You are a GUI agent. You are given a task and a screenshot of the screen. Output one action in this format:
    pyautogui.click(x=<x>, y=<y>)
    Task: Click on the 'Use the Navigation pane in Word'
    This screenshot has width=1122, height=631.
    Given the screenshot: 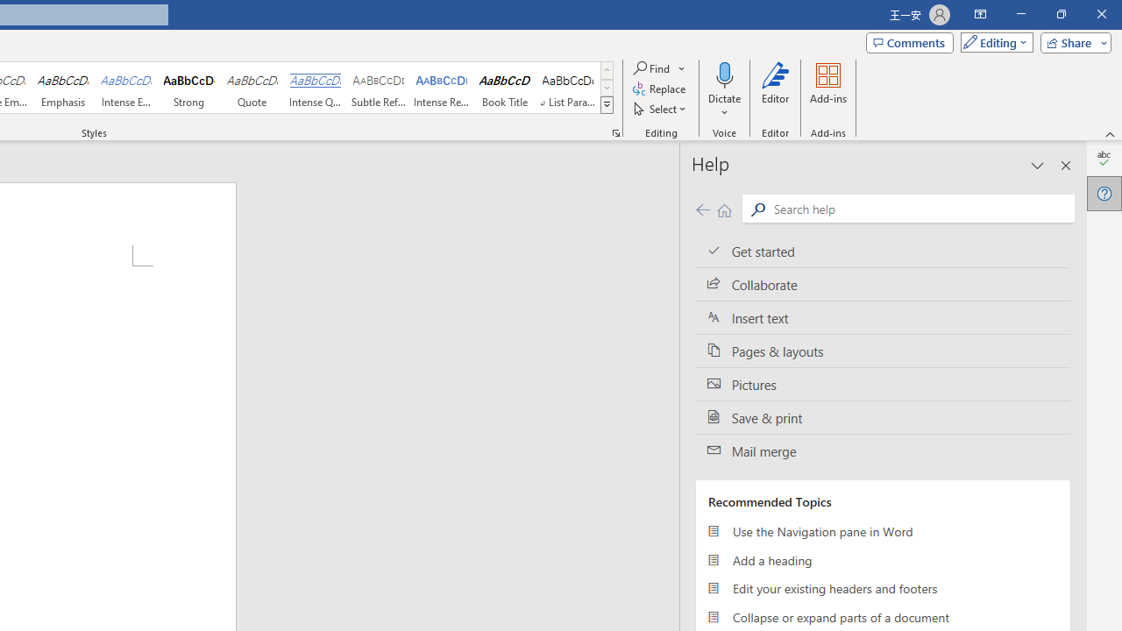 What is the action you would take?
    pyautogui.click(x=883, y=530)
    